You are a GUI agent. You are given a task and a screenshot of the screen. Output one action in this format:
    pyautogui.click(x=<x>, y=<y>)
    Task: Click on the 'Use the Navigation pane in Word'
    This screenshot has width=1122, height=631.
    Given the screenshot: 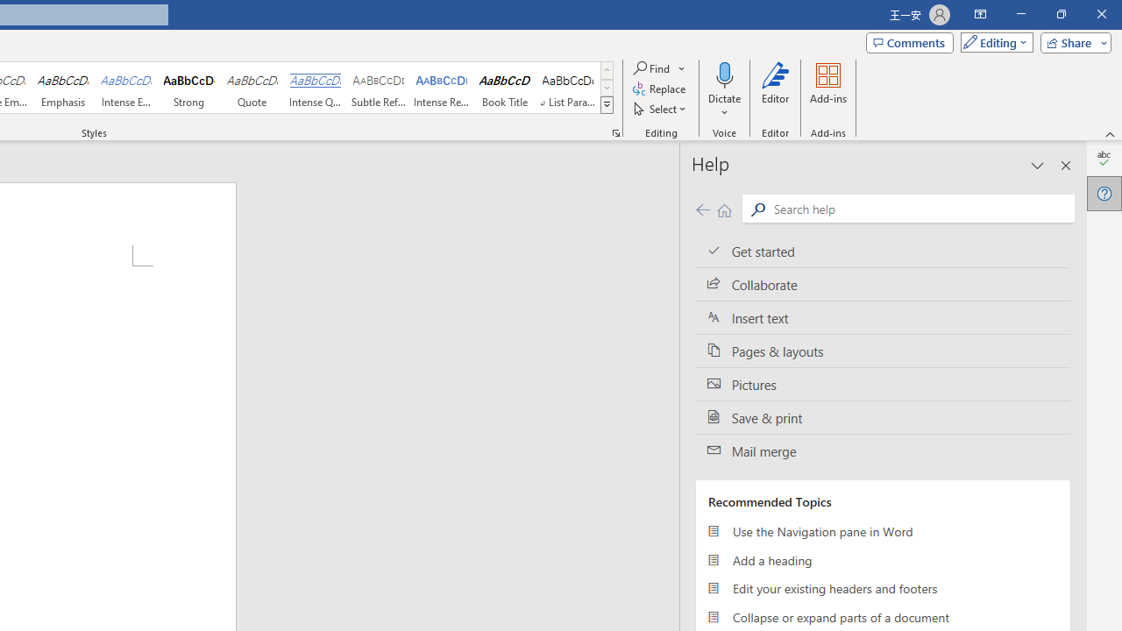 What is the action you would take?
    pyautogui.click(x=883, y=530)
    